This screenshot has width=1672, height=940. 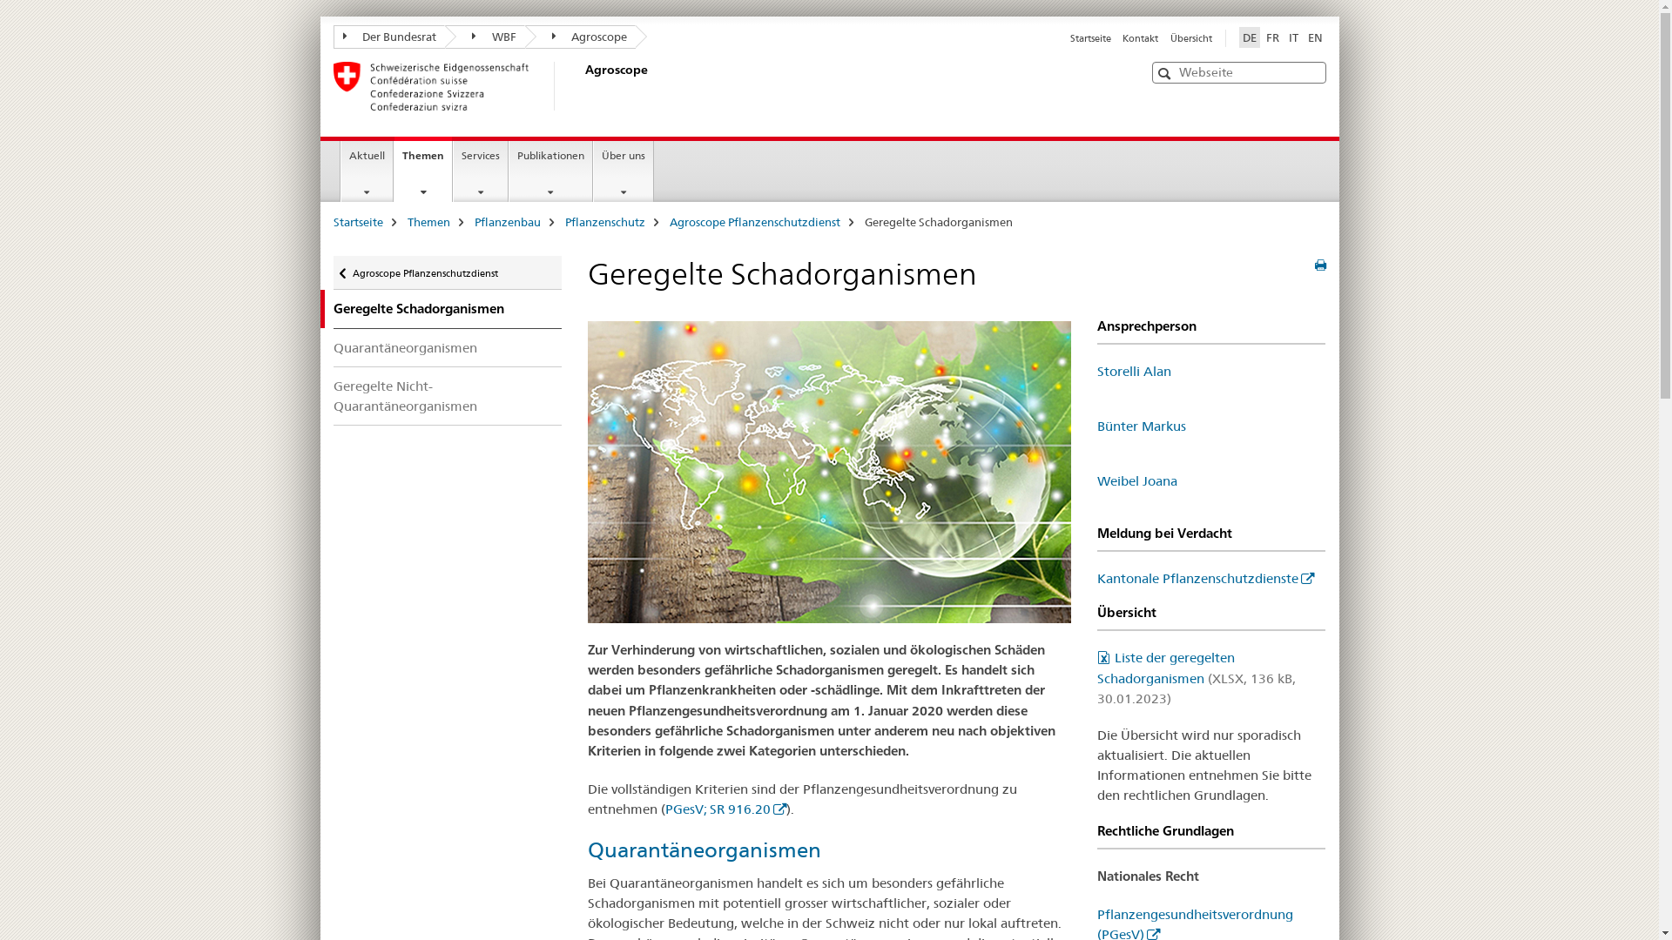 I want to click on 'Agroscope Pflanzenschutzdienst', so click(x=753, y=220).